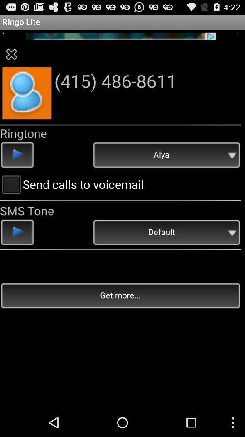 The height and width of the screenshot is (437, 245). What do you see at coordinates (17, 166) in the screenshot?
I see `the play icon` at bounding box center [17, 166].